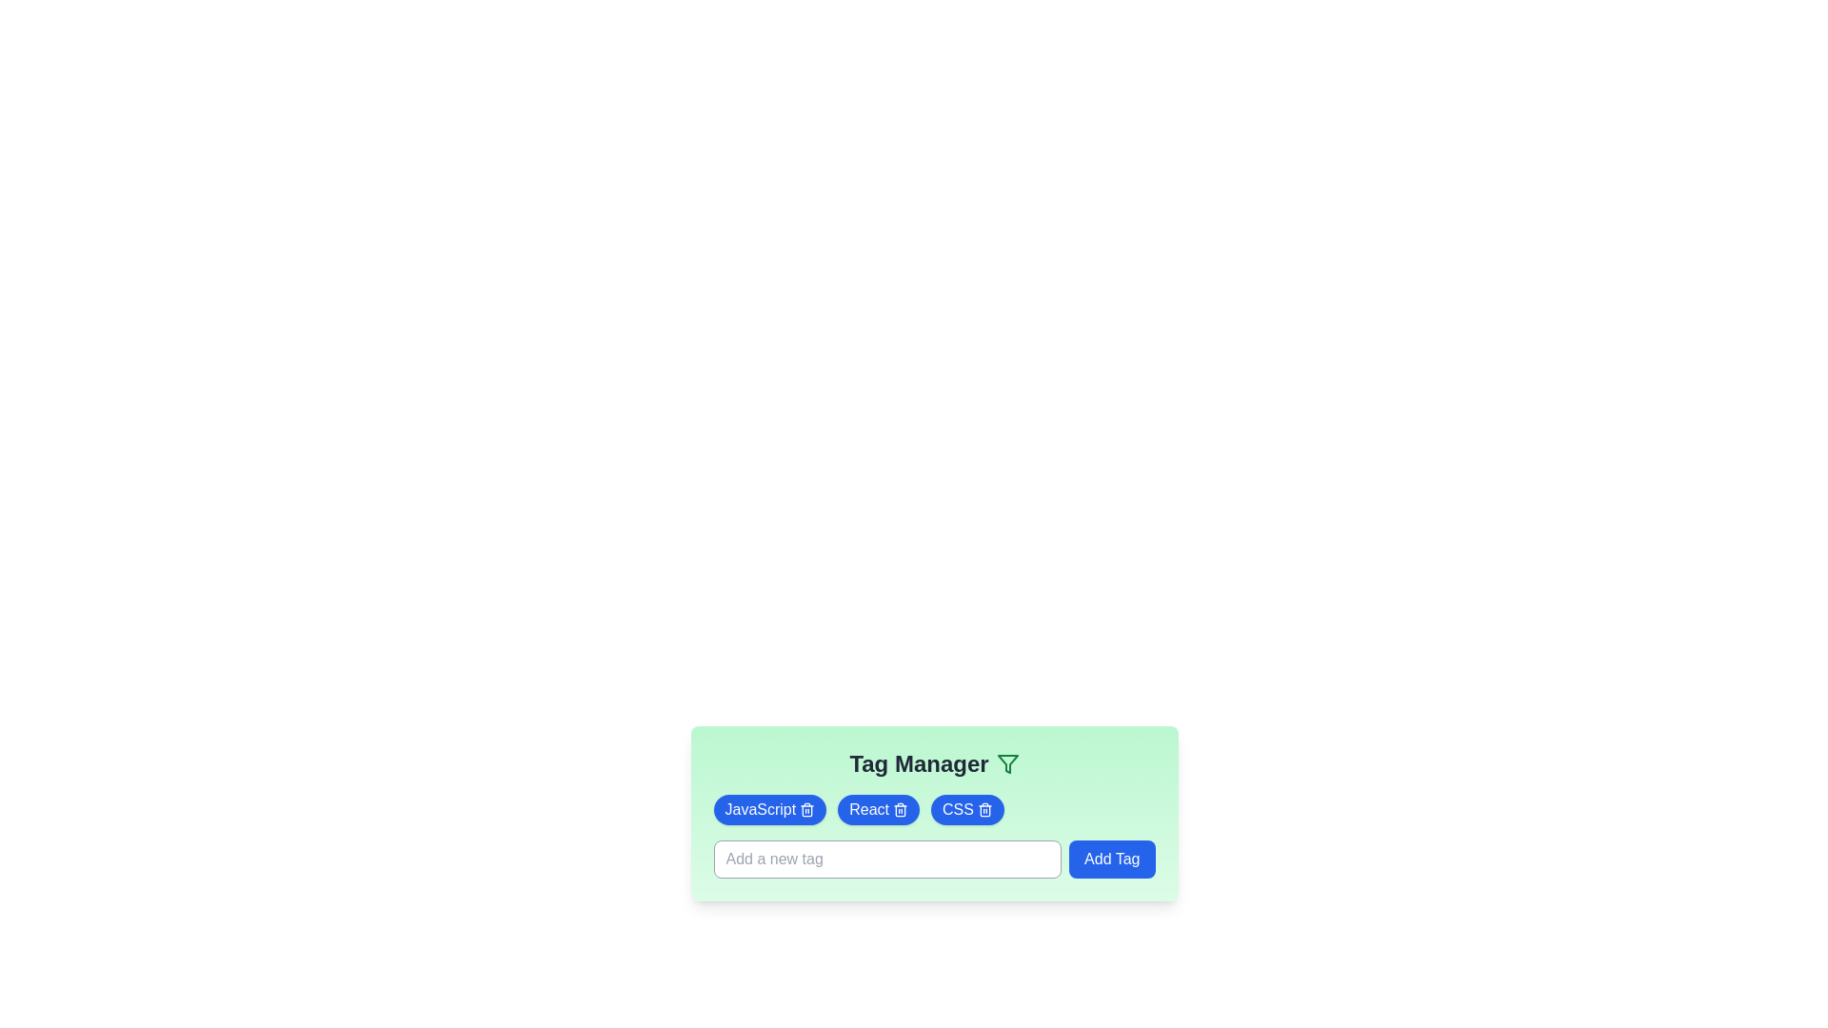 The height and width of the screenshot is (1028, 1828). Describe the element at coordinates (958, 810) in the screenshot. I see `the 'CSS' label, which is a bold, white text on a rounded rectangular blue background, positioned between the 'React' tag and a delete icon` at that location.